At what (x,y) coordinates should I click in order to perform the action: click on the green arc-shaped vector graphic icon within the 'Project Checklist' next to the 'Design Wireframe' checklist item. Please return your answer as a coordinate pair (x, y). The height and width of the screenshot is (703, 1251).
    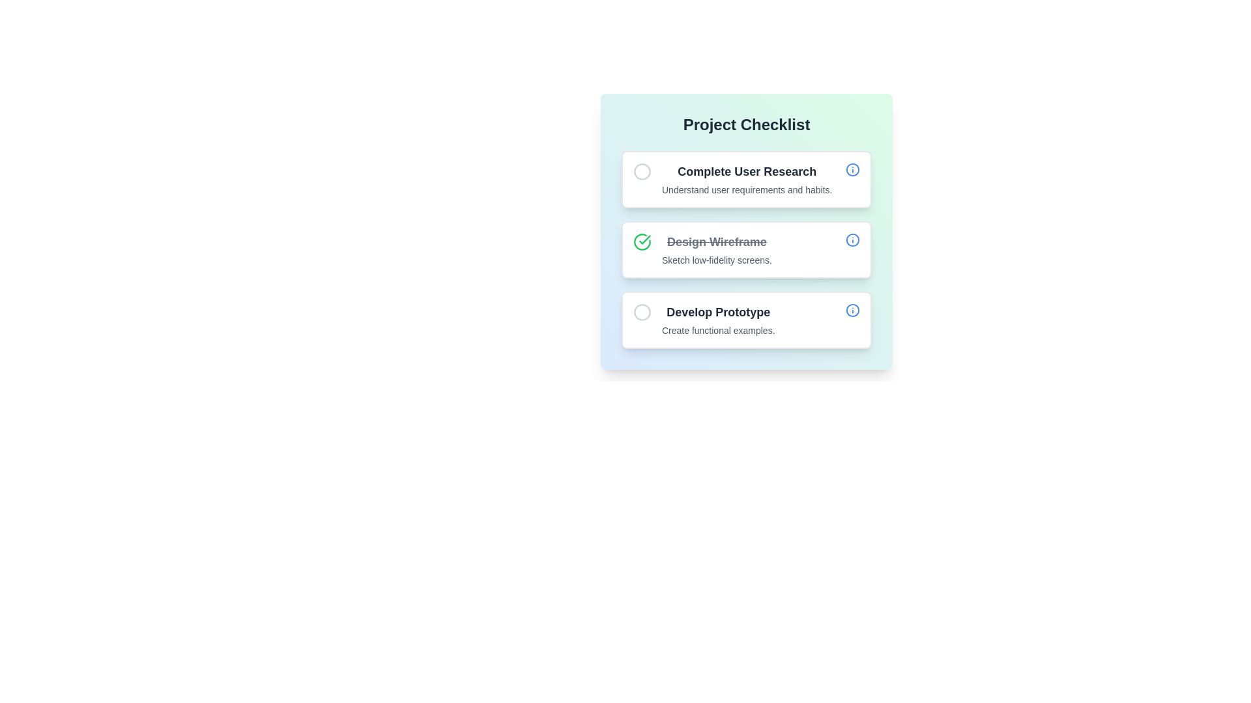
    Looking at the image, I should click on (642, 241).